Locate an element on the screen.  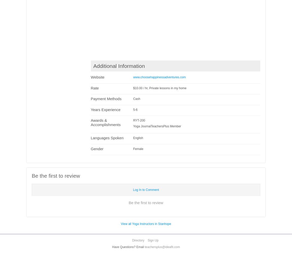
'Female' is located at coordinates (138, 148).